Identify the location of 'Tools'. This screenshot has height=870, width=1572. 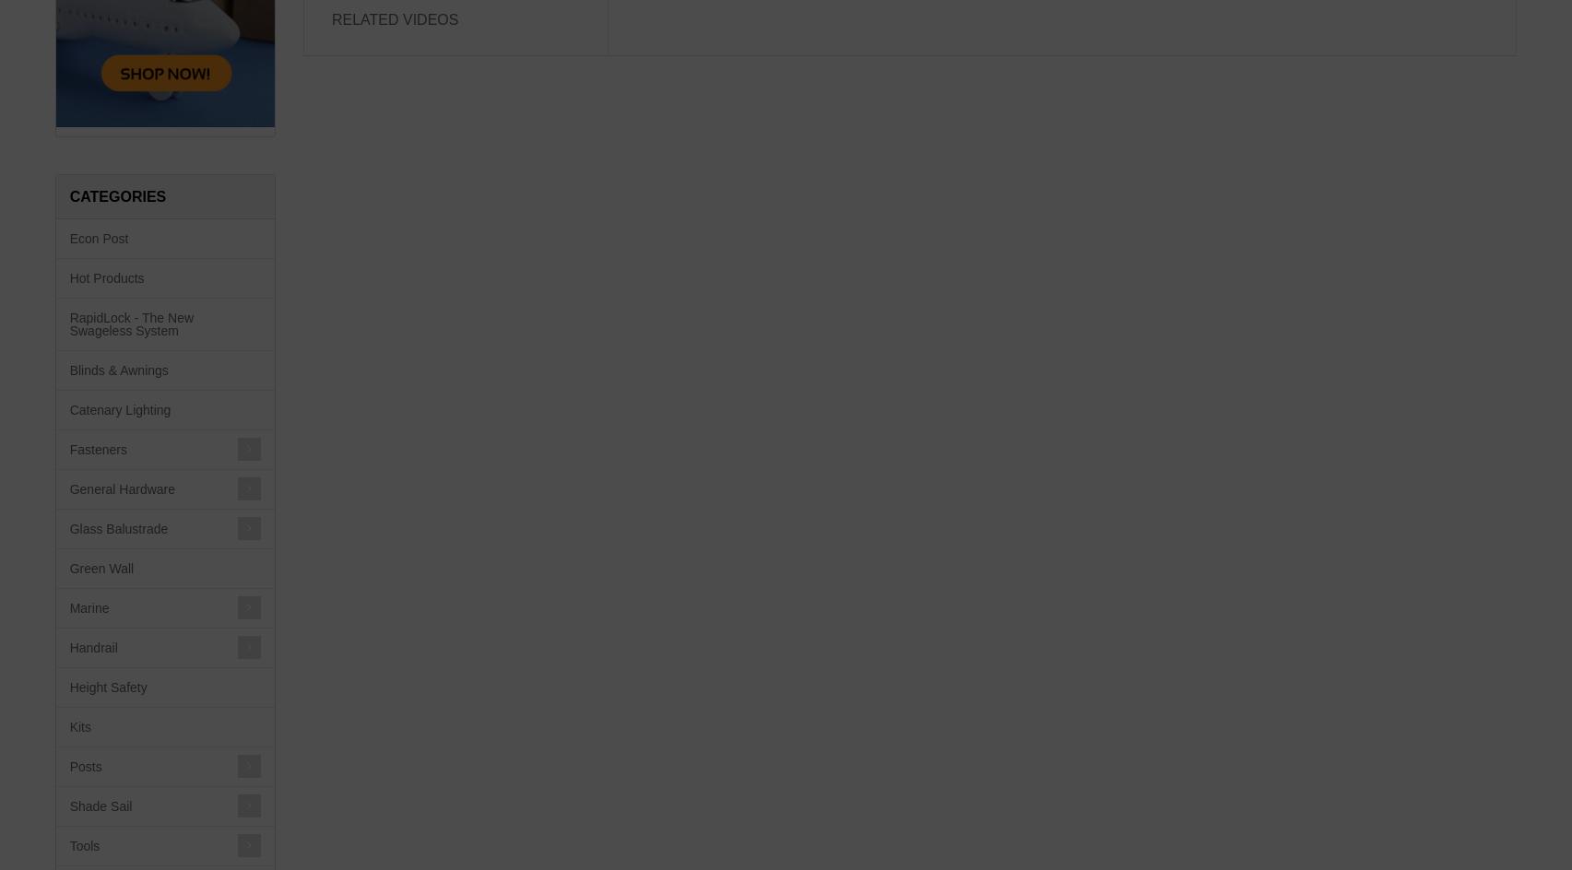
(84, 845).